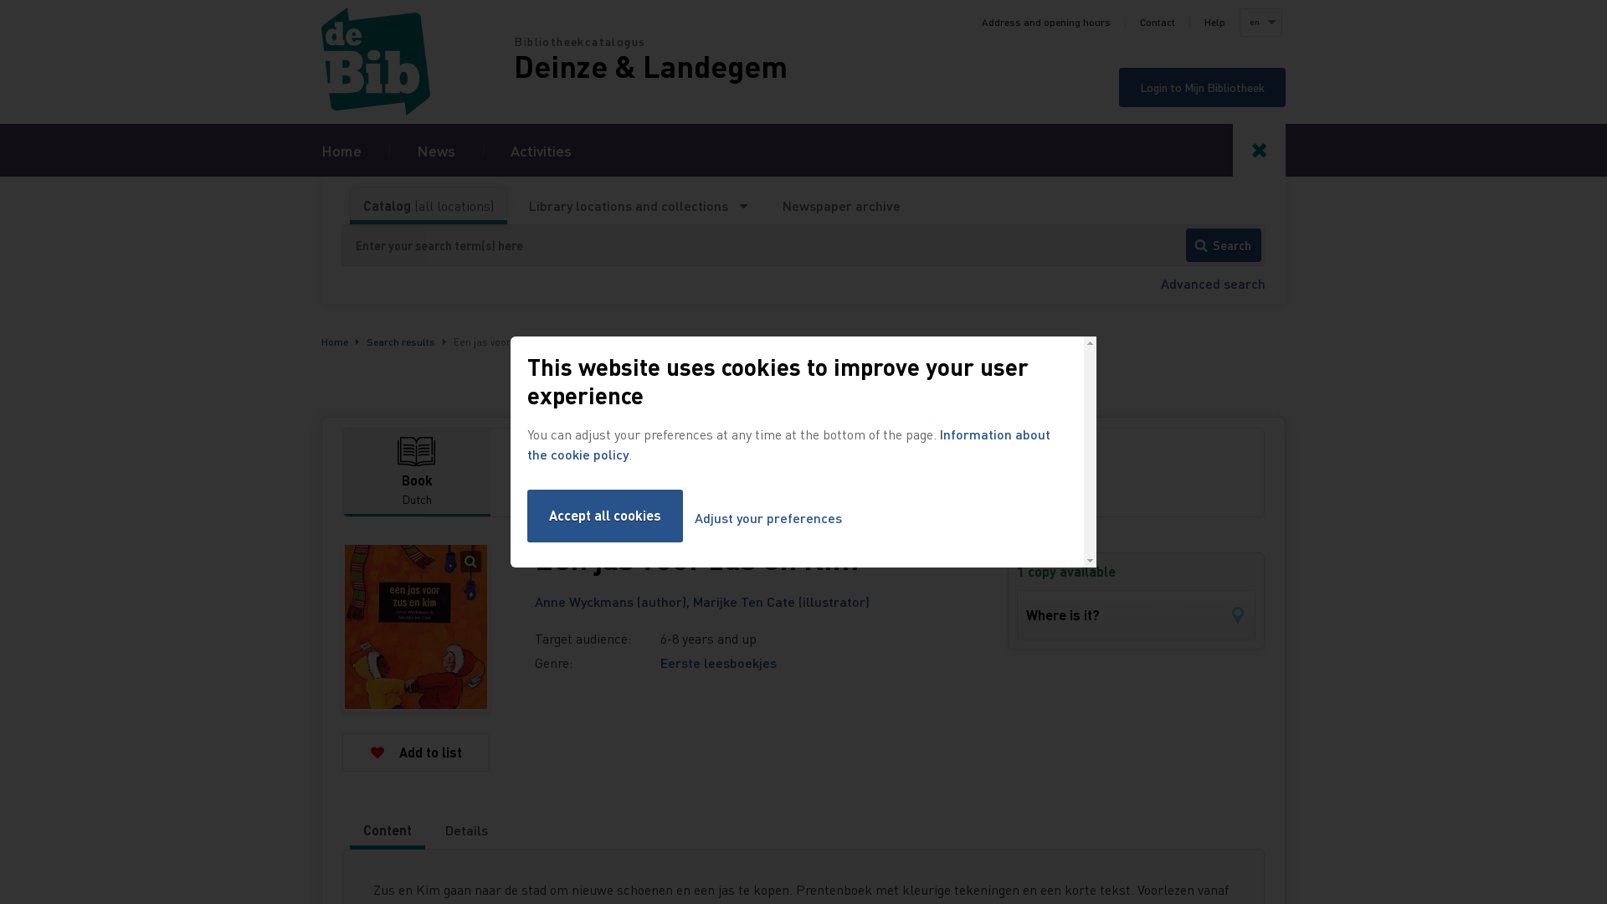  Describe the element at coordinates (1156, 23) in the screenshot. I see `'Contact'` at that location.